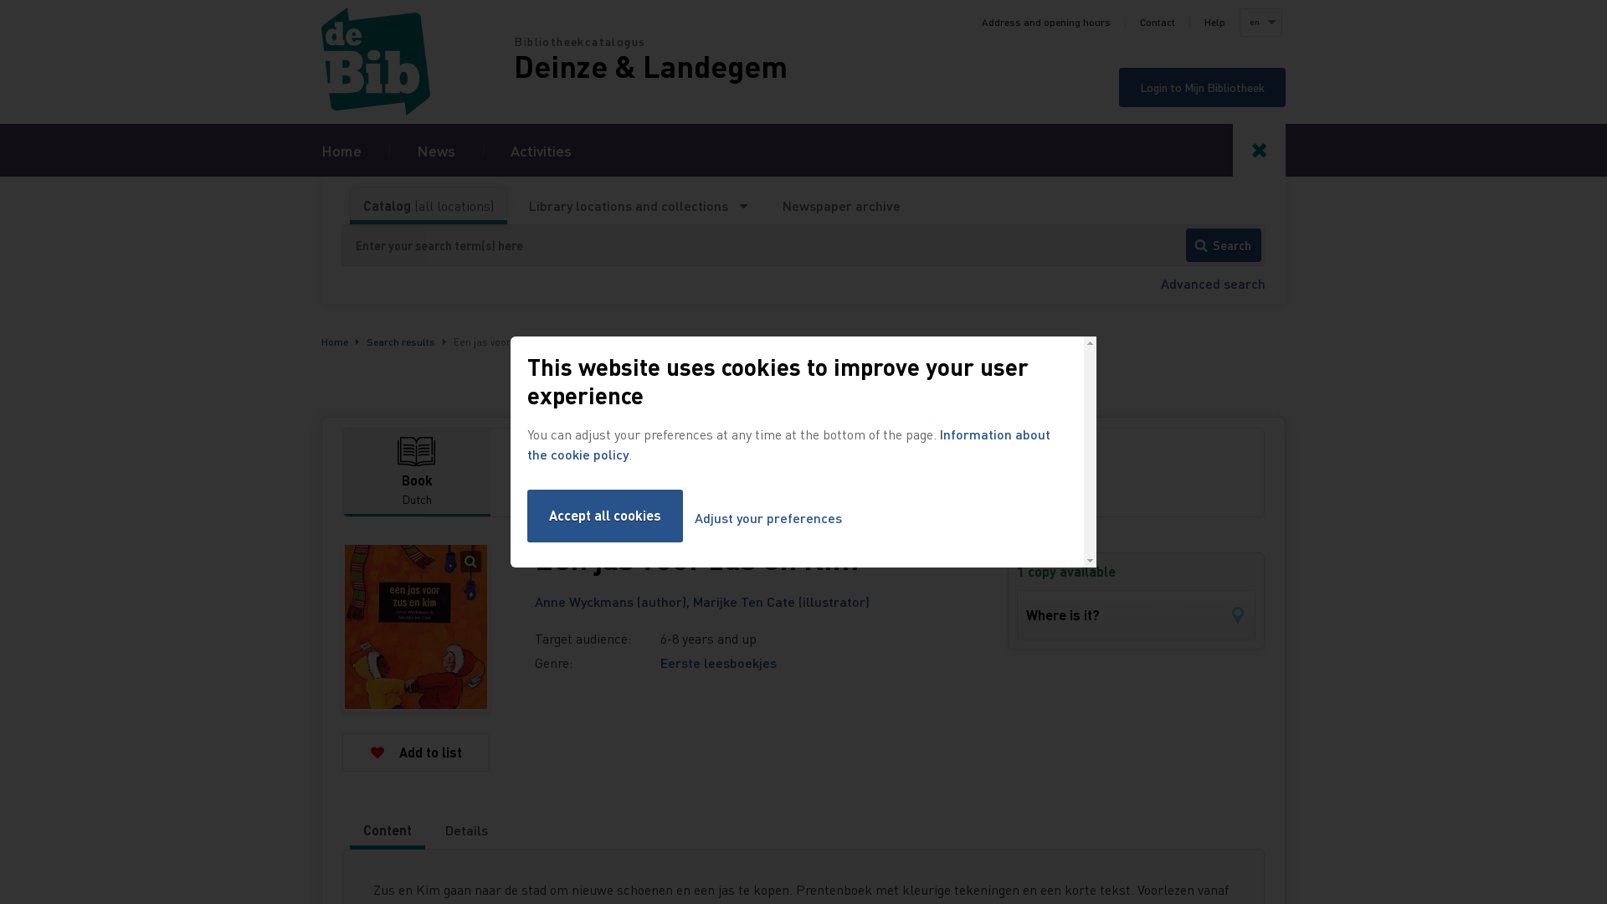  Describe the element at coordinates (1156, 23) in the screenshot. I see `'Contact'` at that location.